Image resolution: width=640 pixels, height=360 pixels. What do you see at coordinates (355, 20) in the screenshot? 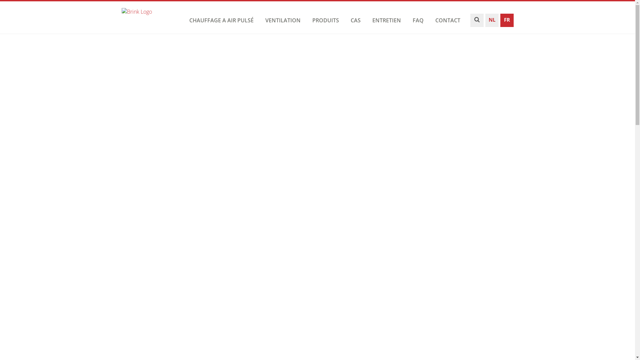
I see `'CAS'` at bounding box center [355, 20].